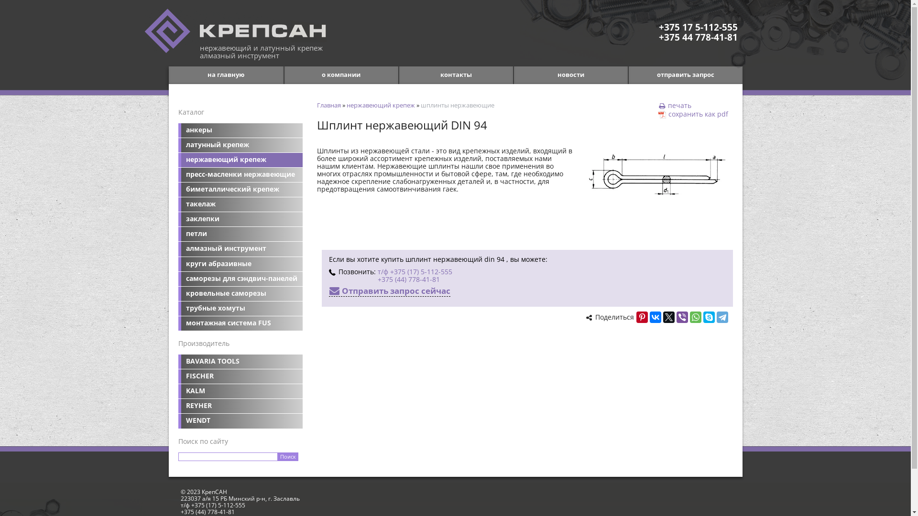  Describe the element at coordinates (240, 361) in the screenshot. I see `'BAVARIA TOOLS'` at that location.